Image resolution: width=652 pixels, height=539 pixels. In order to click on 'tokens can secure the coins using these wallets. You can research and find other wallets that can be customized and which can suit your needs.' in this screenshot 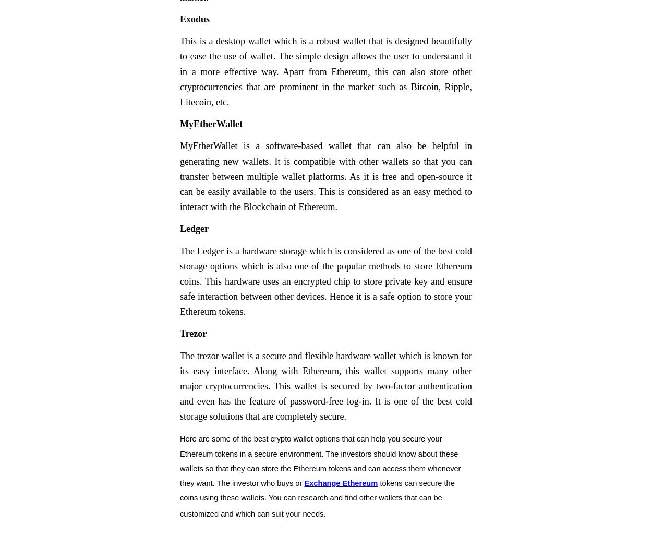, I will do `click(317, 497)`.